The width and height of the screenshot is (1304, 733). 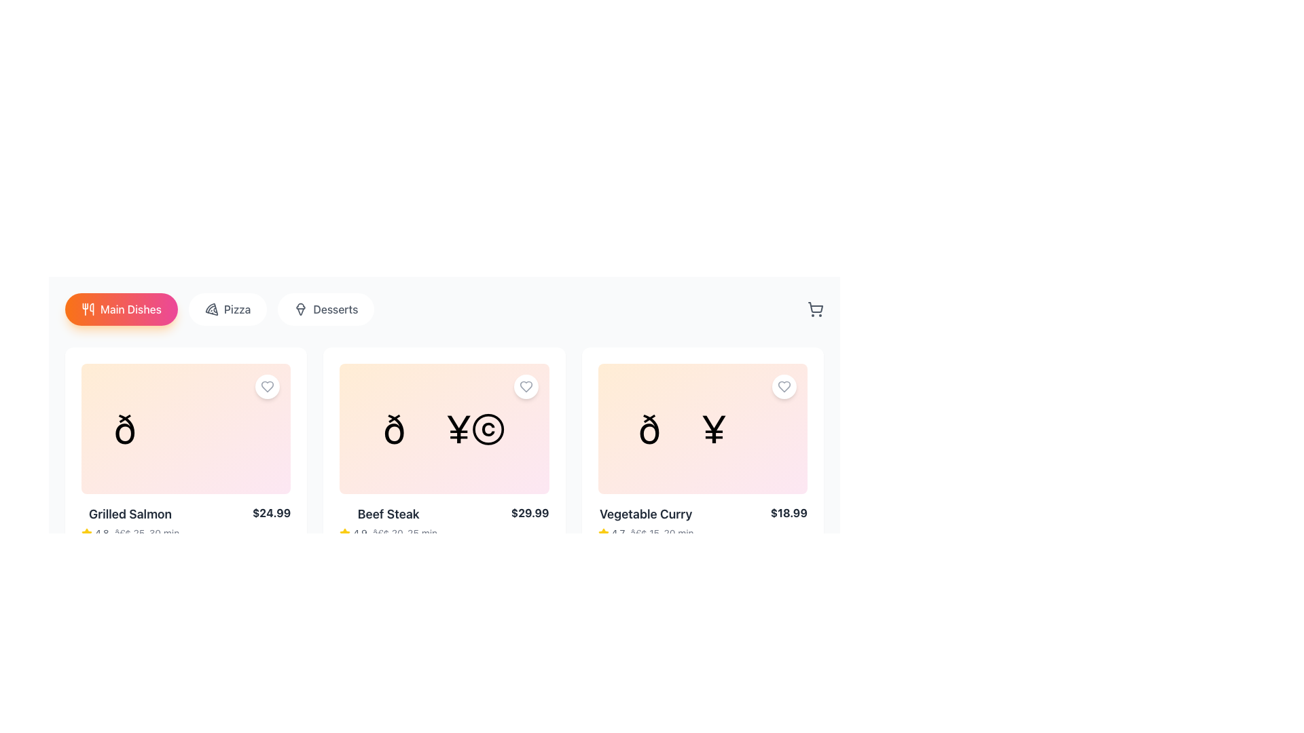 What do you see at coordinates (404, 533) in the screenshot?
I see `text from the Text Label that provides the estimated delivery time for the 'Beef Steak' item, positioned beneath it and aligned with the pricing information` at bounding box center [404, 533].